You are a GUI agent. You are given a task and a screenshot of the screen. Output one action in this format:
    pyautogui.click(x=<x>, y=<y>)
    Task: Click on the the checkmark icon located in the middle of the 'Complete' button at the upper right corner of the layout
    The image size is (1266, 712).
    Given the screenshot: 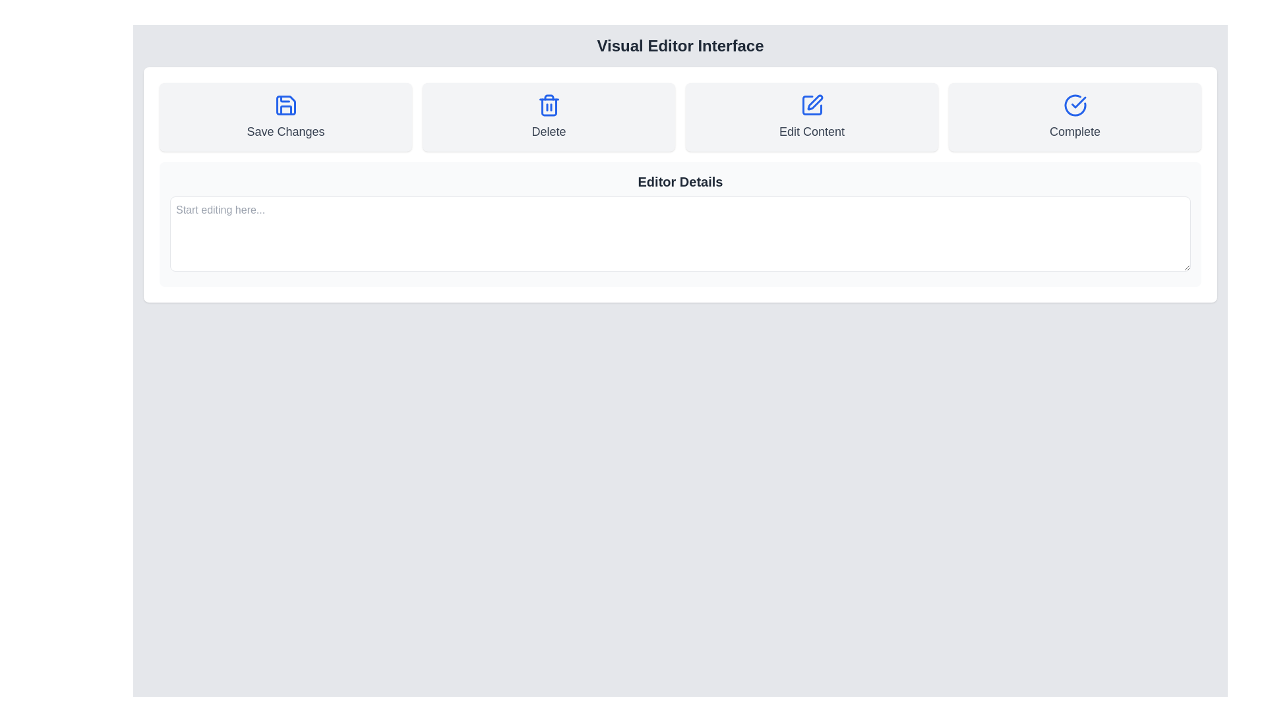 What is the action you would take?
    pyautogui.click(x=1078, y=102)
    